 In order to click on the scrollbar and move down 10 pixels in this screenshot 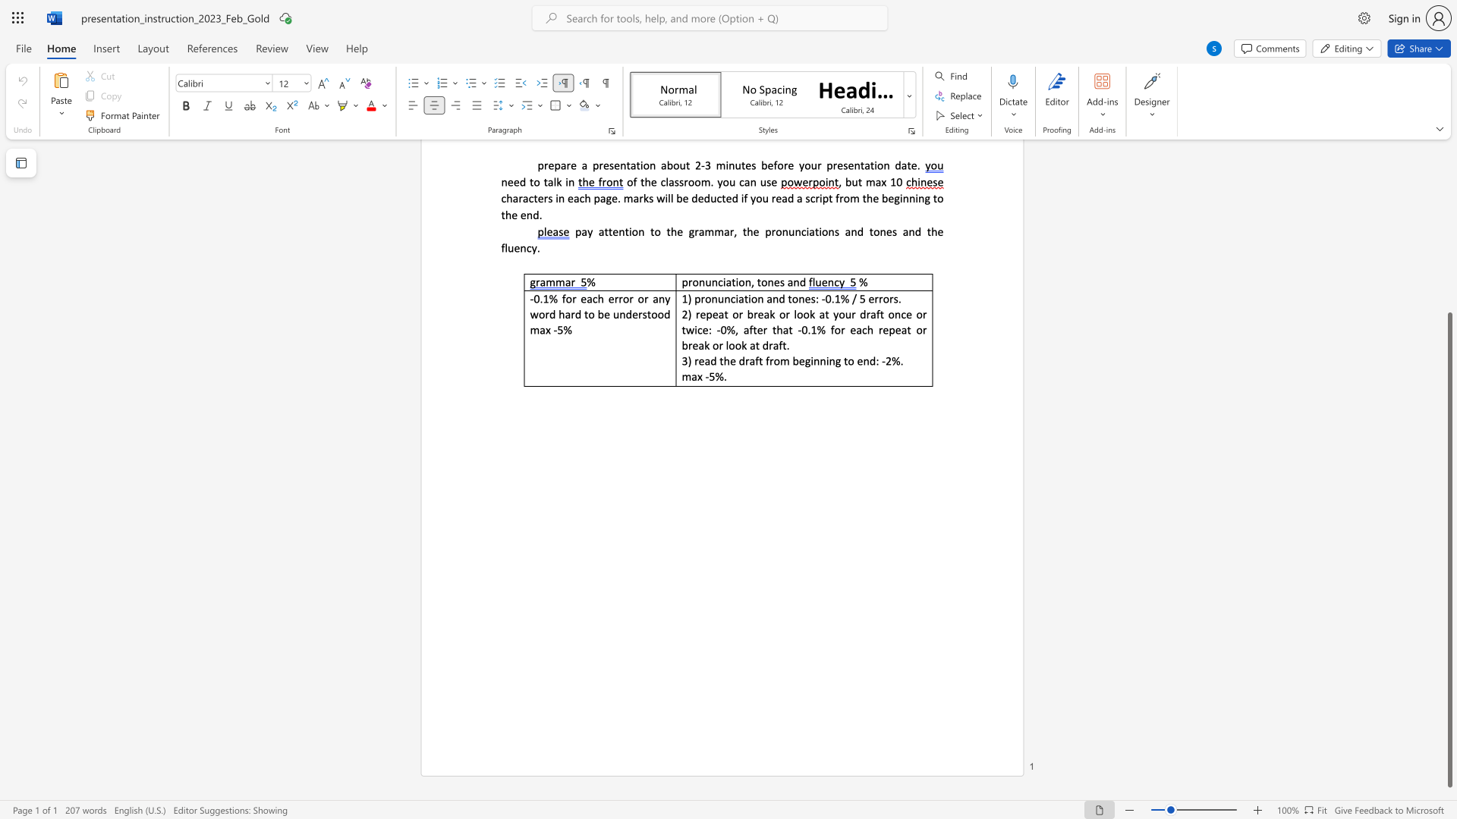, I will do `click(1449, 550)`.